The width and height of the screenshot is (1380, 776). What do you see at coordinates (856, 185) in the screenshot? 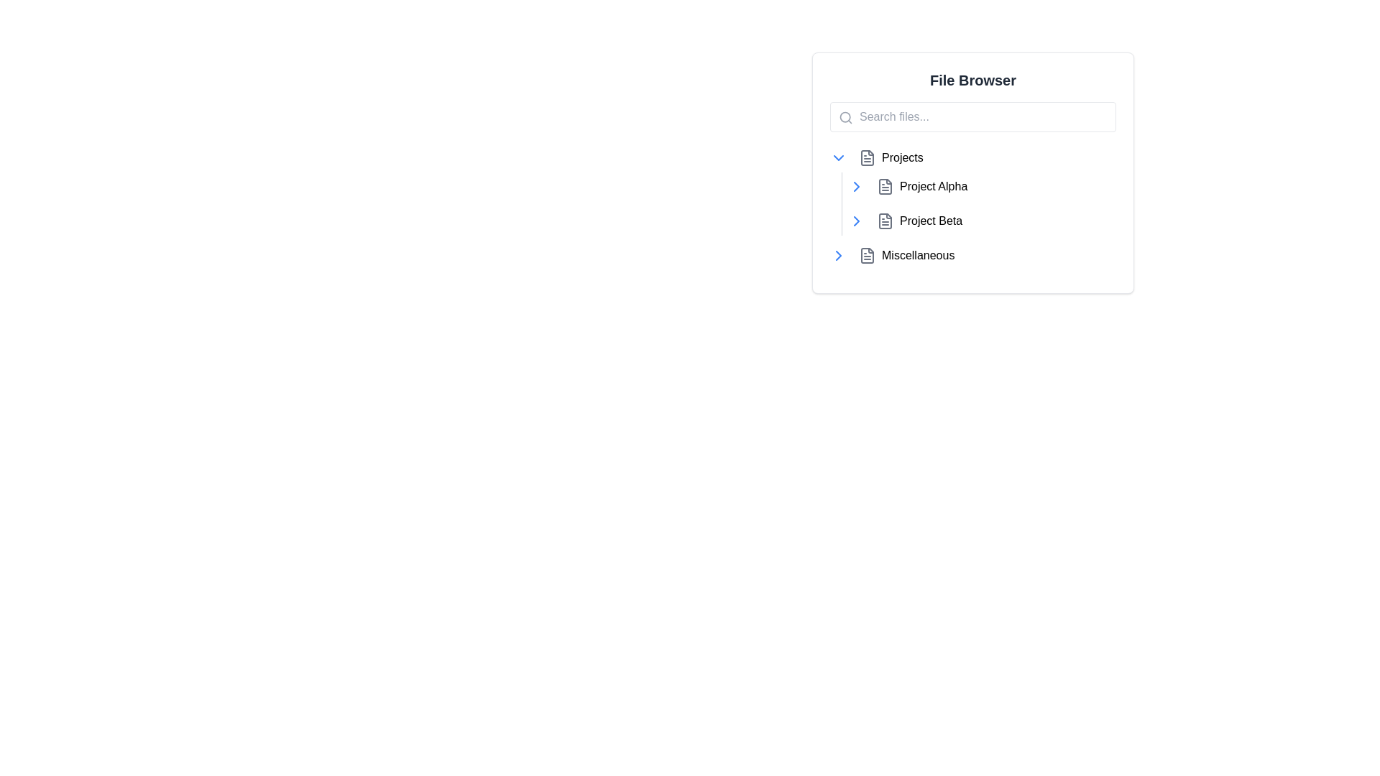
I see `the rightward-pointing chevron icon styled in blue, located in the file browser interface to the left of the 'Project Alpha' label` at bounding box center [856, 185].